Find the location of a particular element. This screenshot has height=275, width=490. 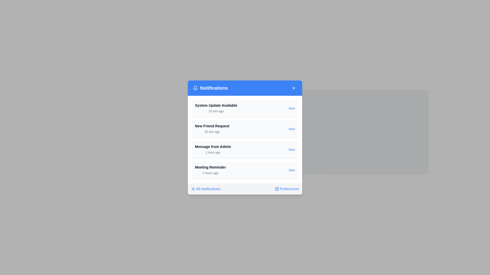

the bell-shaped icon in the notification header, which is located to the left of the title 'Notifications' is located at coordinates (195, 87).